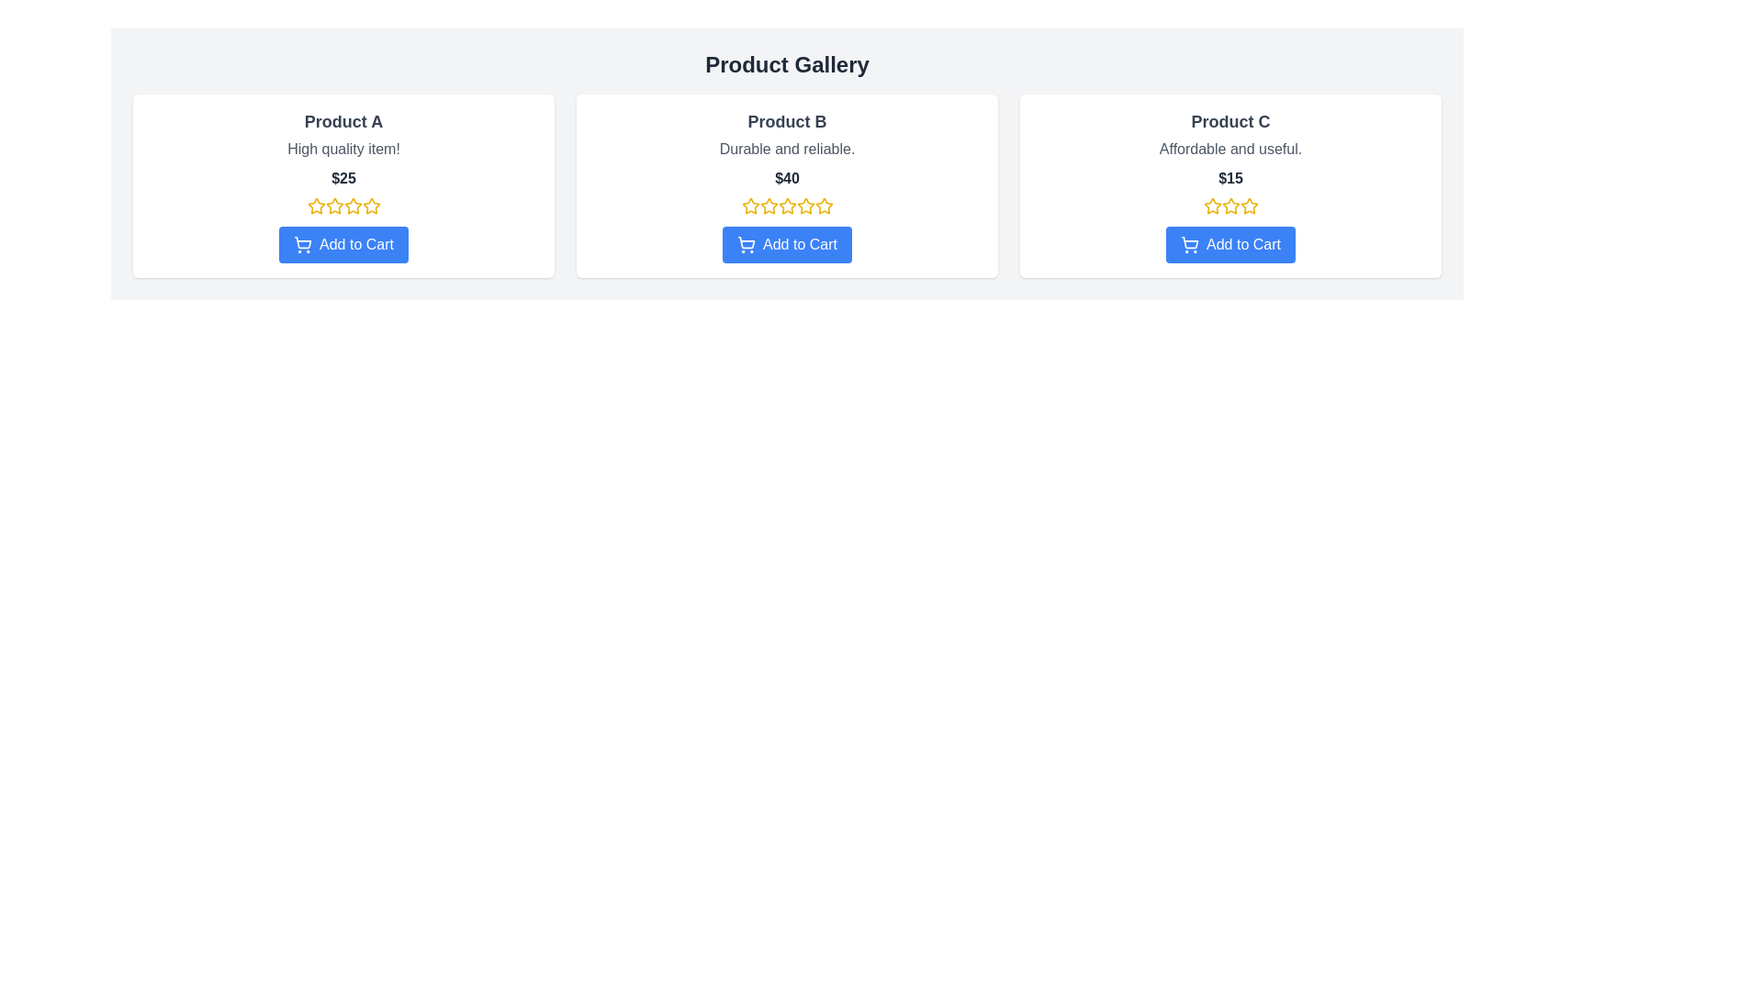 This screenshot has width=1763, height=991. What do you see at coordinates (750, 206) in the screenshot?
I see `the first star in the five-star rating sequence on the 'Product B' card to rate it` at bounding box center [750, 206].